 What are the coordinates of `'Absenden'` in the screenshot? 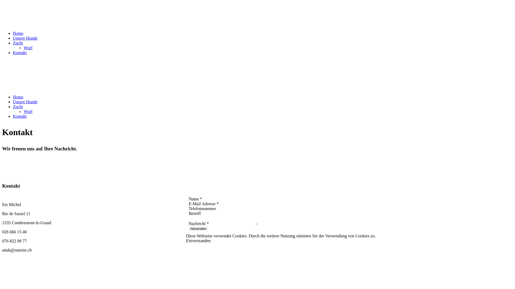 It's located at (188, 229).